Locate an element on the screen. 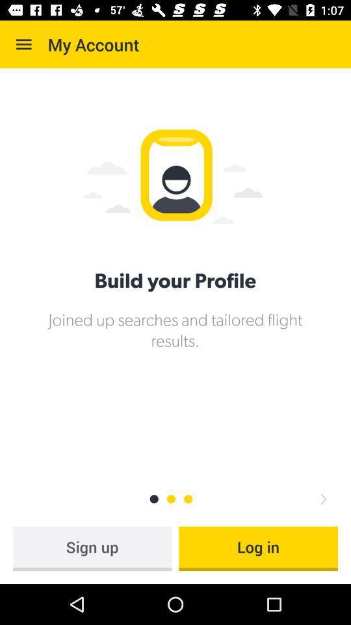 The height and width of the screenshot is (625, 351). the icon to the left of the log in icon is located at coordinates (92, 548).